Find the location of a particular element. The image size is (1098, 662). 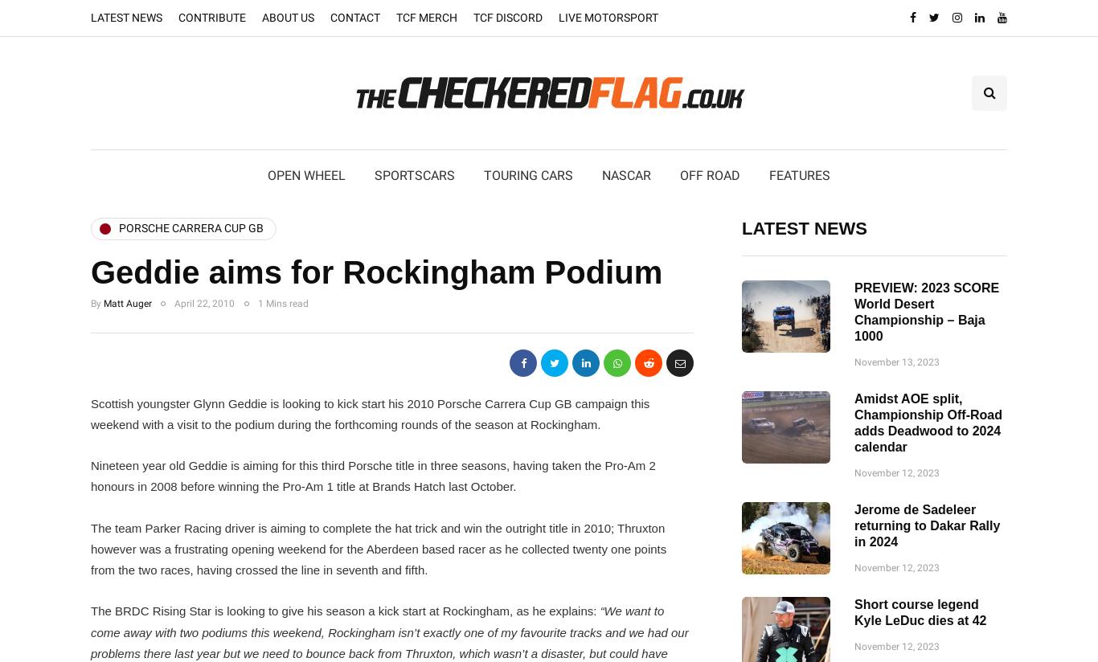

'Sportscars' is located at coordinates (414, 174).